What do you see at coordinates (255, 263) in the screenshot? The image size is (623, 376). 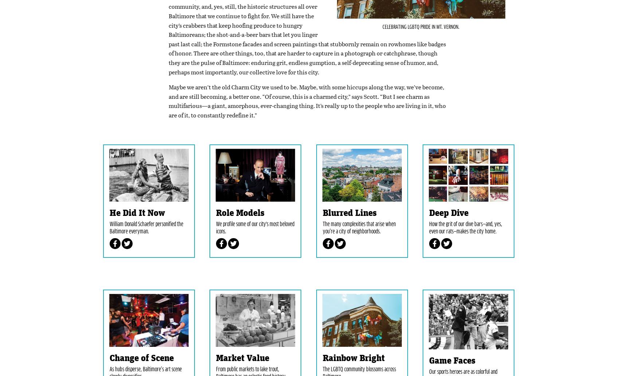 I see `'We profile some of our city's most beloved icons.'` at bounding box center [255, 263].